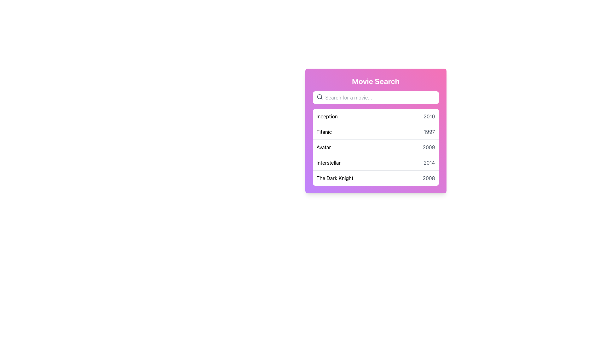 This screenshot has width=605, height=340. I want to click on the text label 'Avatar', which represents the title of the movie in the searchable list interface, located in the third row on the left side, with the year '2009' displayed to its right, so click(324, 147).